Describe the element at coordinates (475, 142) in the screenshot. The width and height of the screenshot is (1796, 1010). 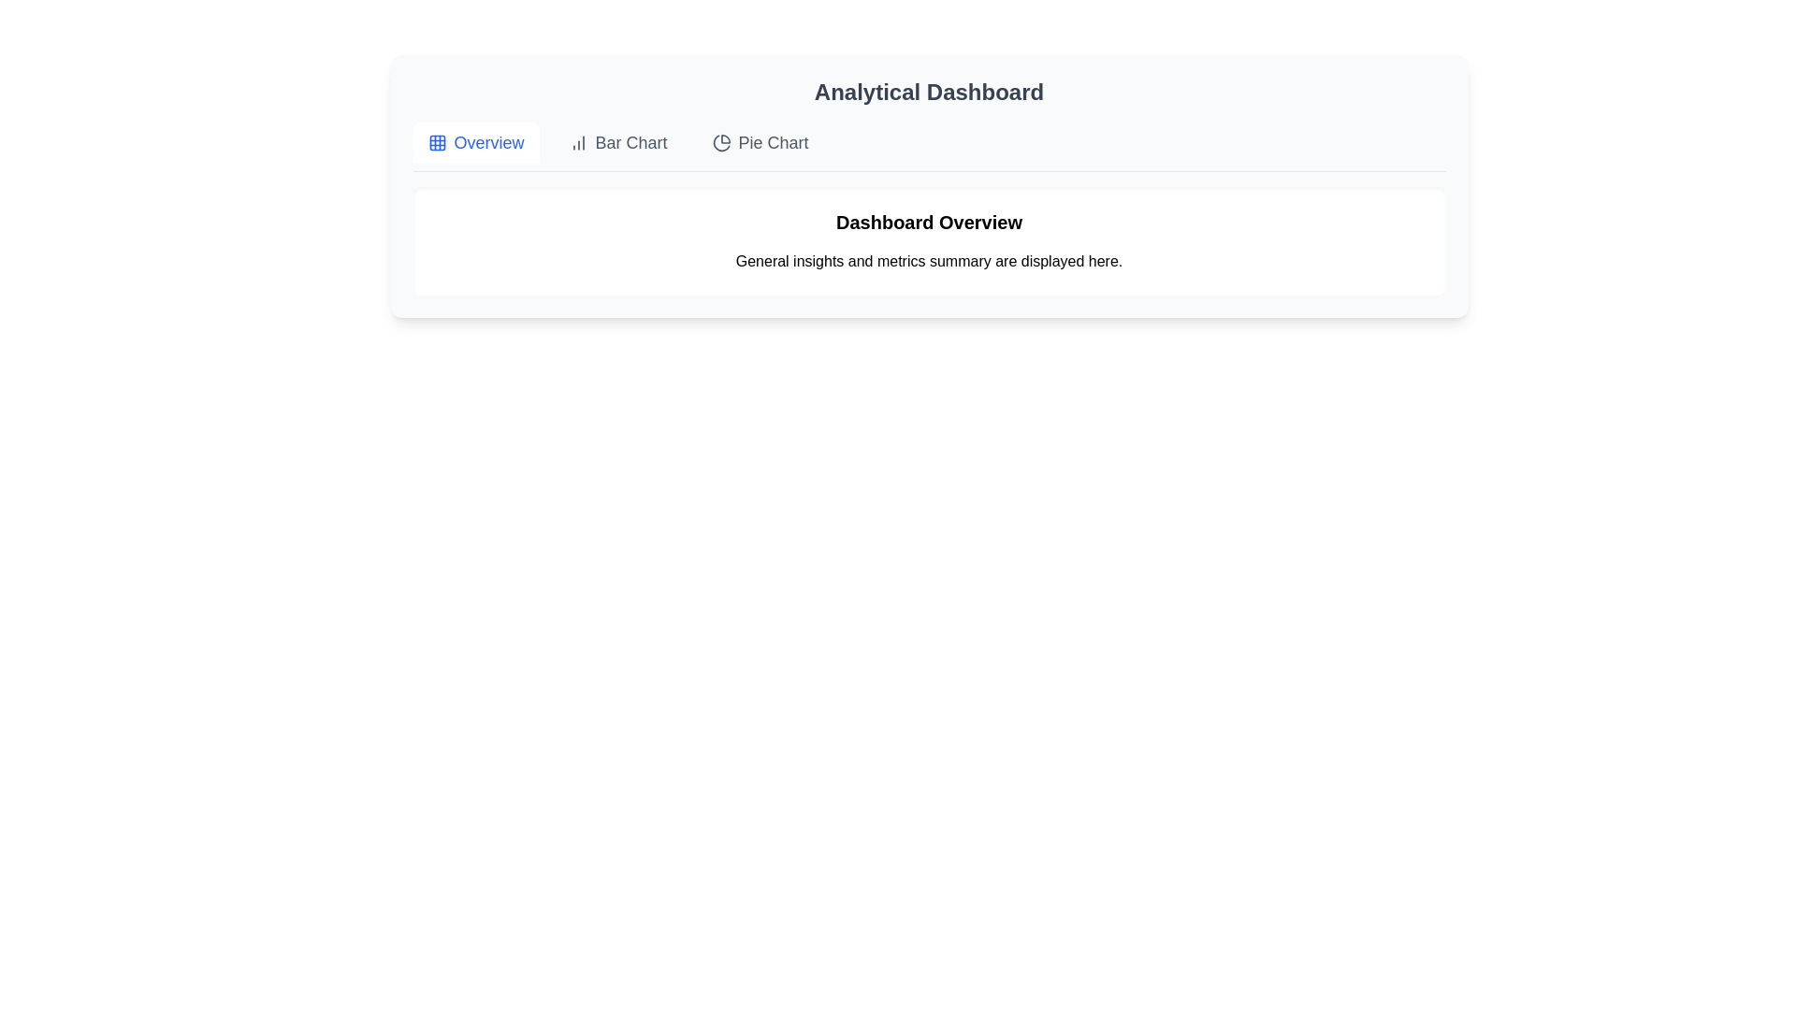
I see `the first Navigation Tab on the left side` at that location.